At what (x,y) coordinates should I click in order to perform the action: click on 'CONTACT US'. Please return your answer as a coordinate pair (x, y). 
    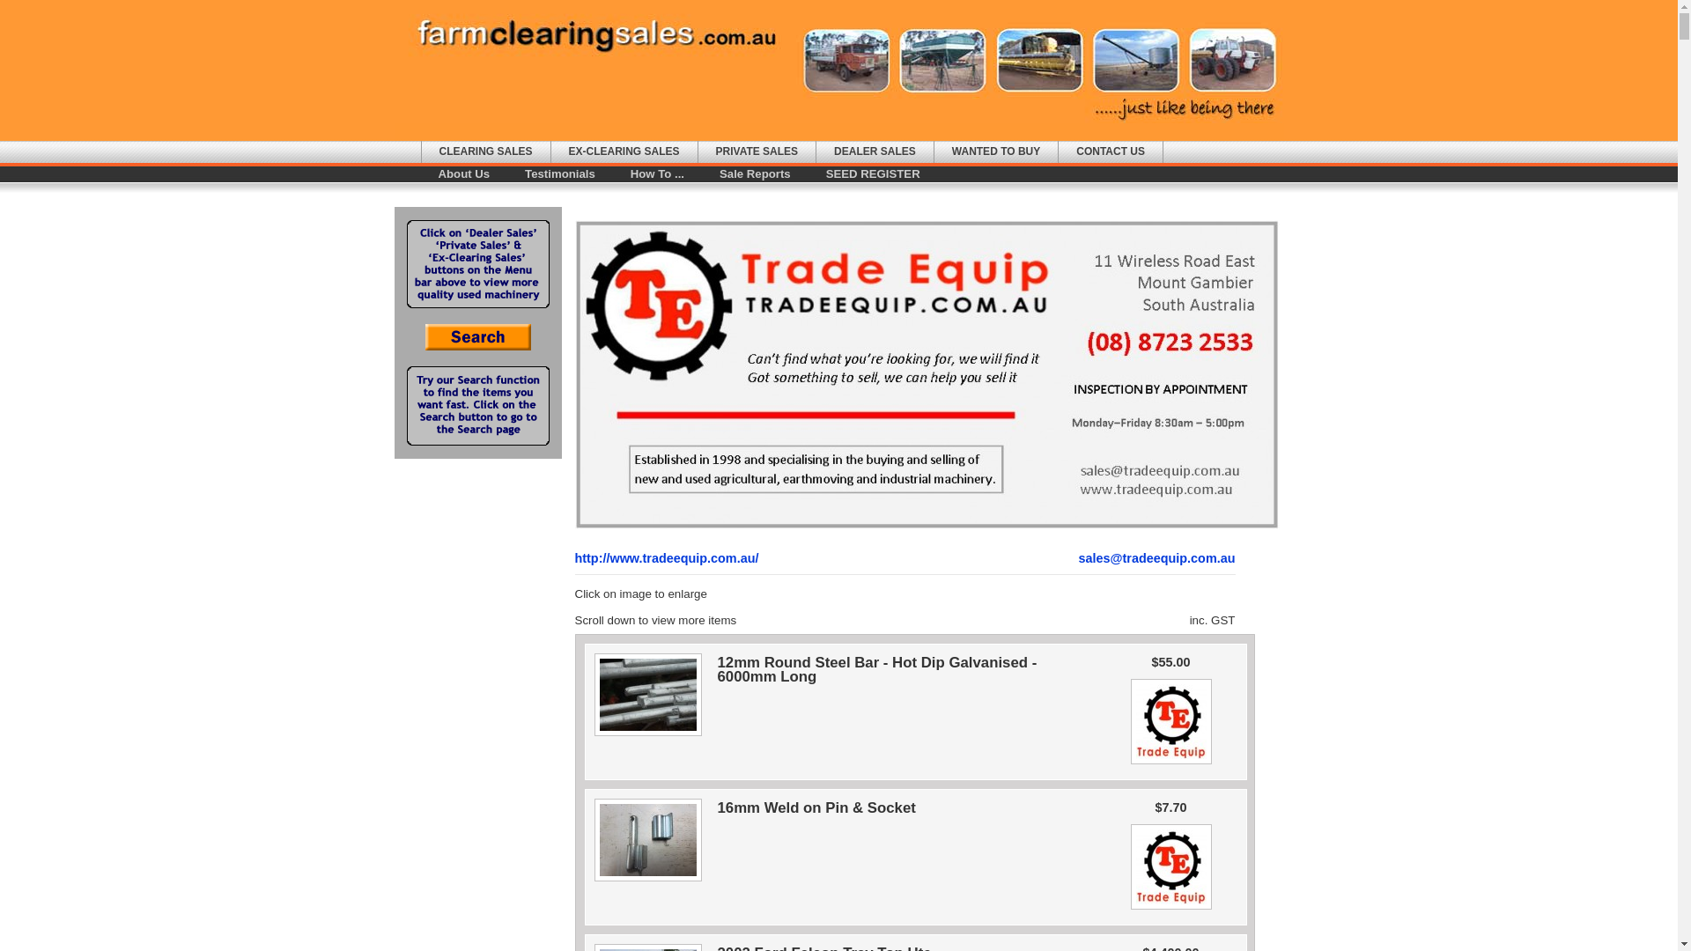
    Looking at the image, I should click on (1110, 151).